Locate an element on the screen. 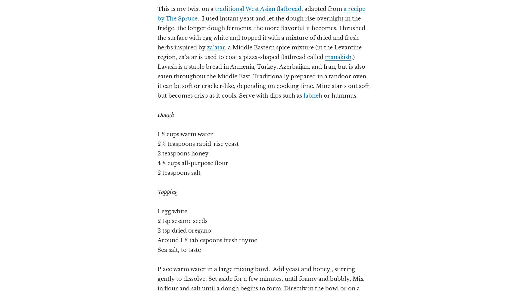 The image size is (527, 291). '1 egg white' is located at coordinates (172, 211).